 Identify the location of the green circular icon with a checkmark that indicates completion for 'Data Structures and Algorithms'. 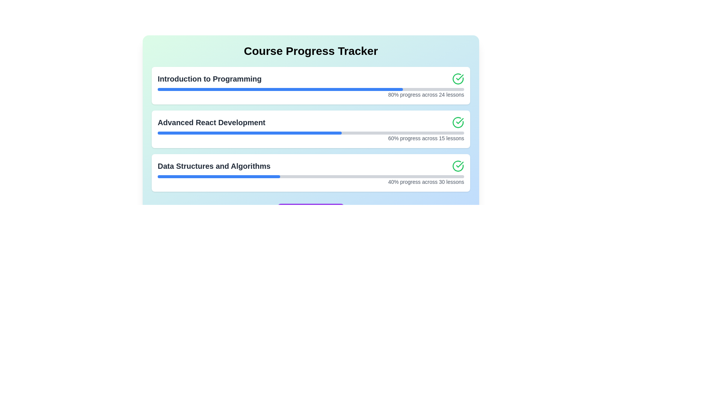
(457, 166).